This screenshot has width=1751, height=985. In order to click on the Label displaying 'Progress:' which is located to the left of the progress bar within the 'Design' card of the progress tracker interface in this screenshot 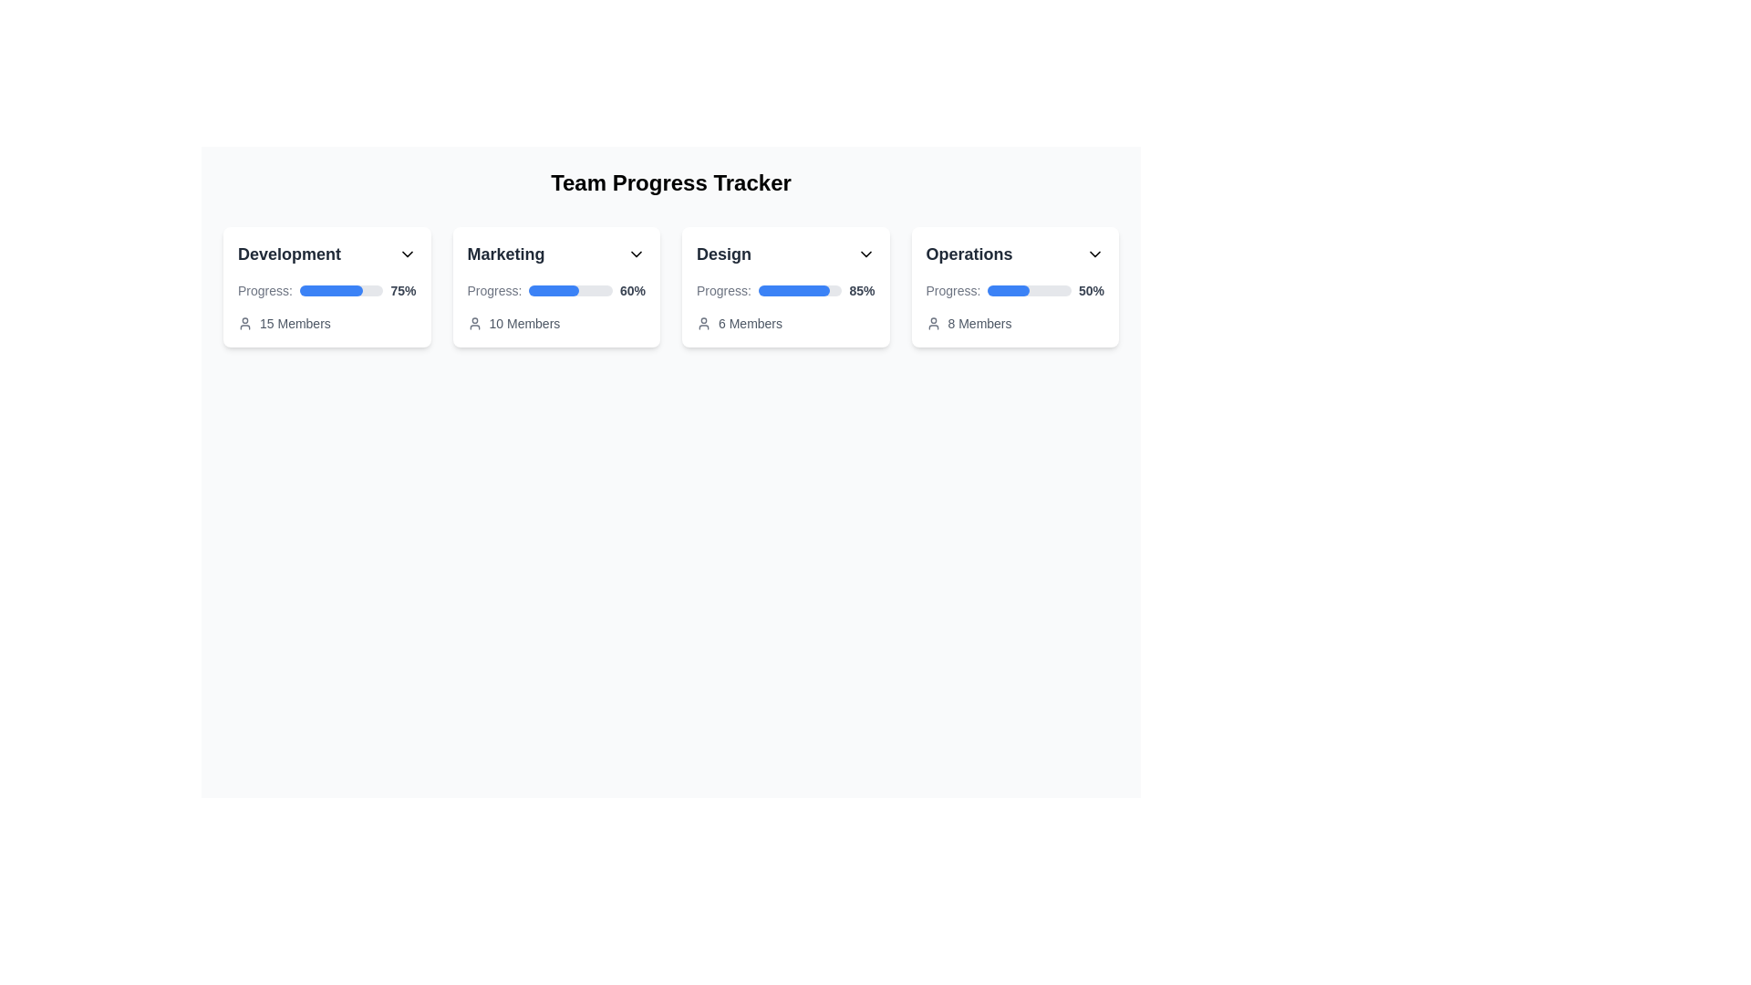, I will do `click(722, 290)`.